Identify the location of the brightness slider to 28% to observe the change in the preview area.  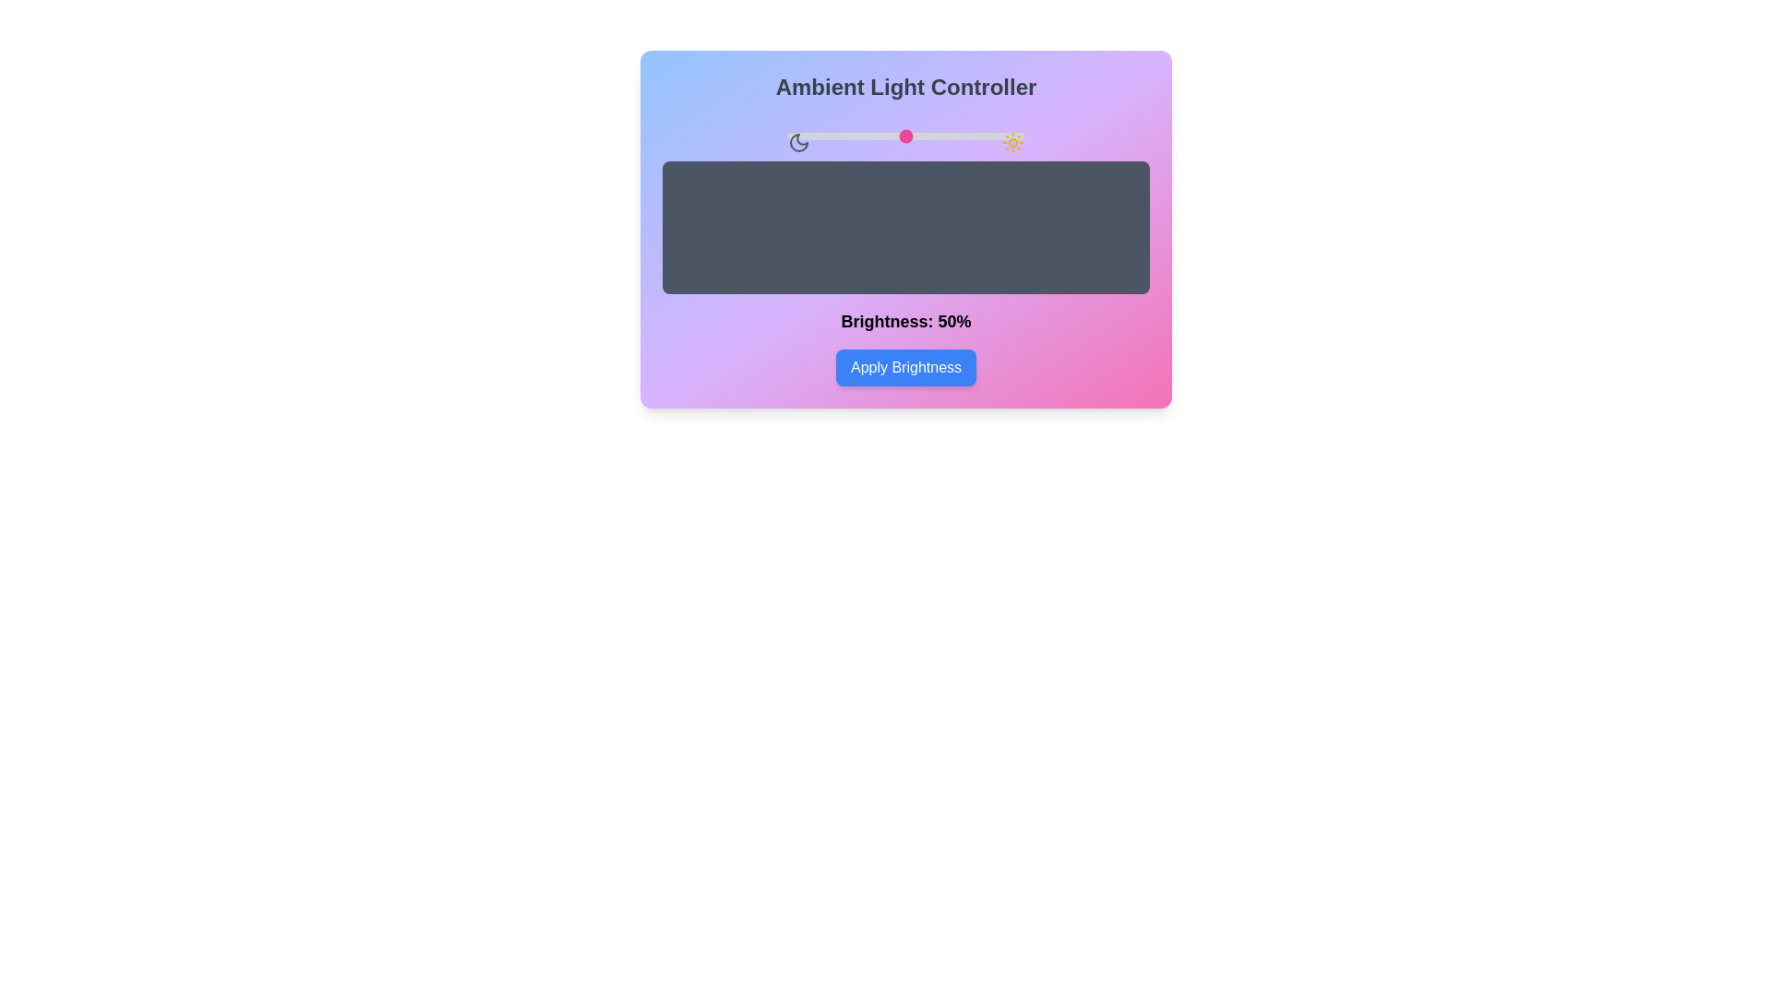
(853, 135).